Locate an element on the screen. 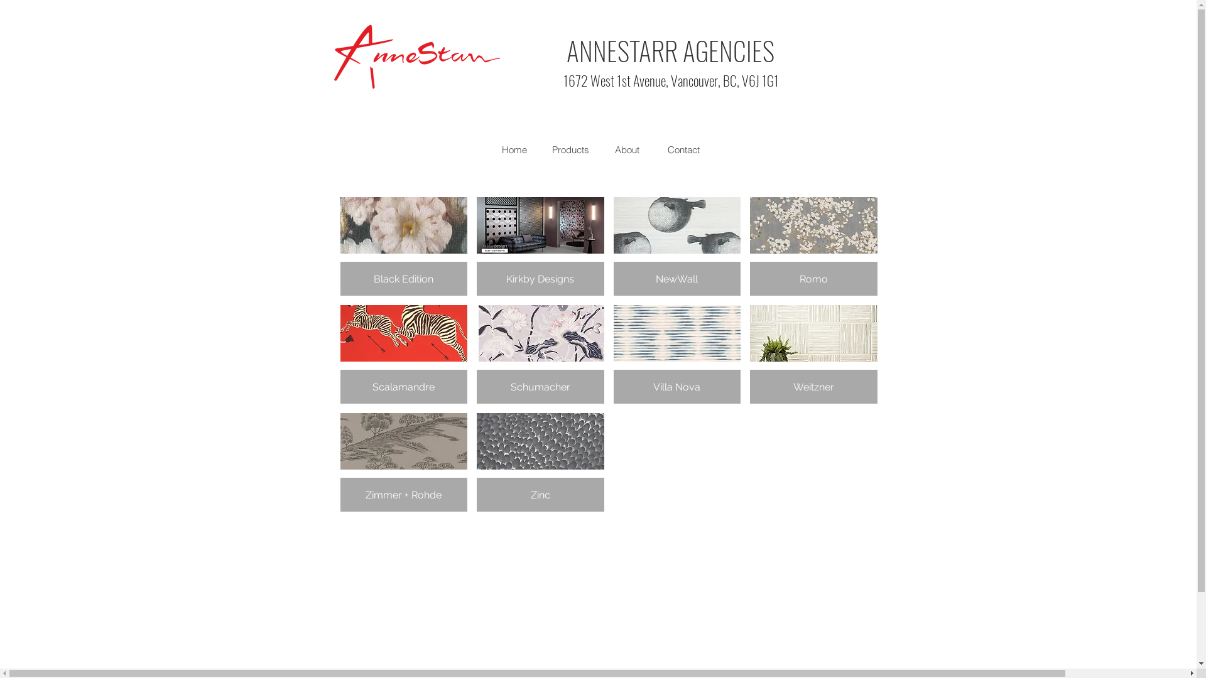 The image size is (1206, 678). 'Black Edition' is located at coordinates (404, 246).